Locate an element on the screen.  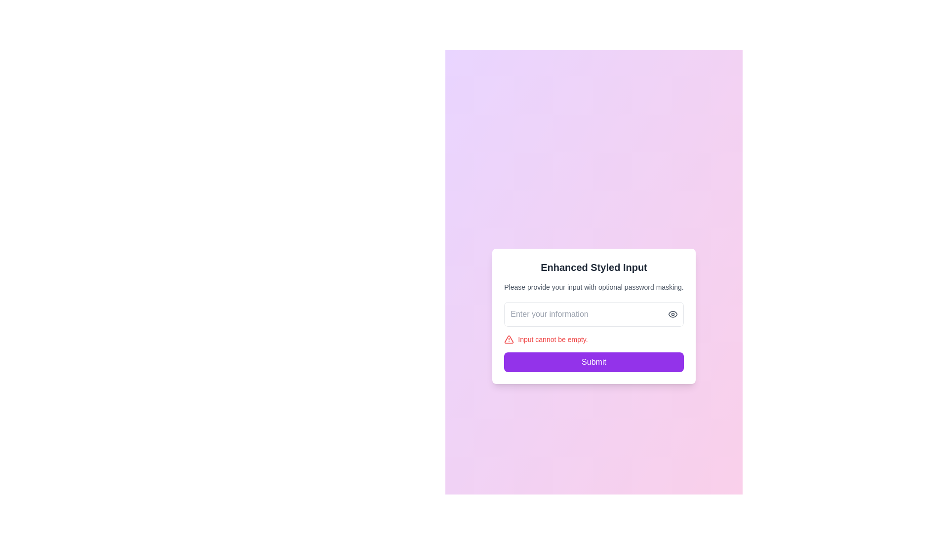
the eye icon button is located at coordinates (672, 314).